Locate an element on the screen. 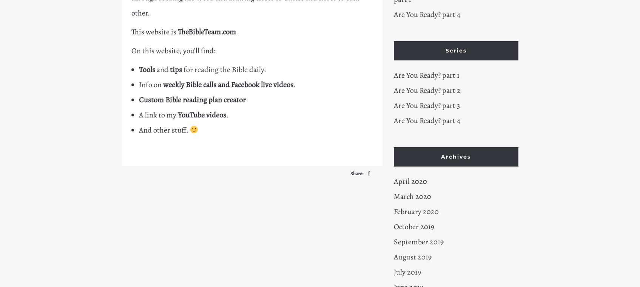 This screenshot has width=640, height=287. 'March 2020' is located at coordinates (412, 196).